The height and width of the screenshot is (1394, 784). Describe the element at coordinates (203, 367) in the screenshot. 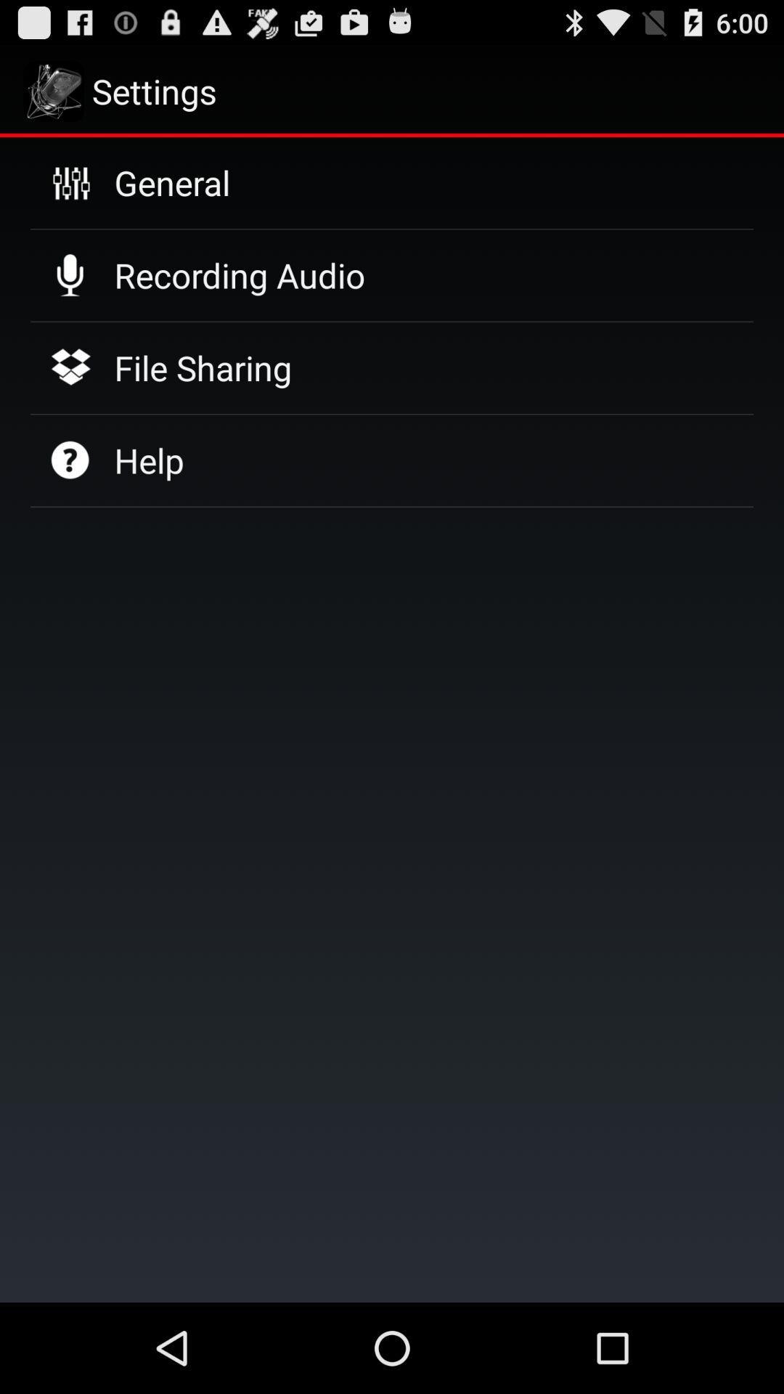

I see `the file sharing item` at that location.